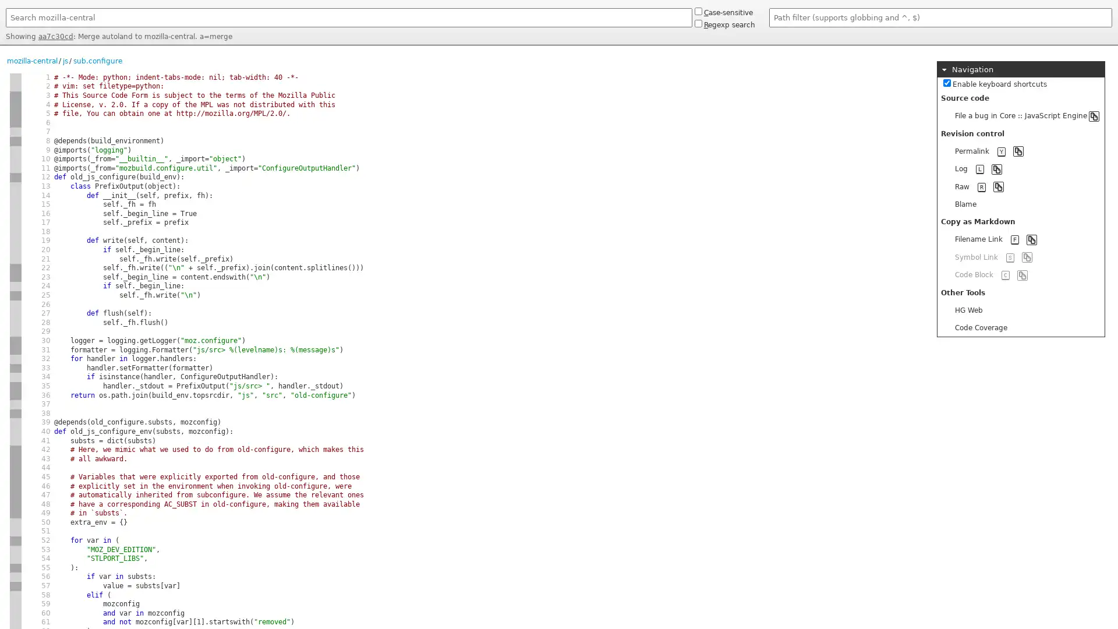  I want to click on same hash 3, so click(16, 168).